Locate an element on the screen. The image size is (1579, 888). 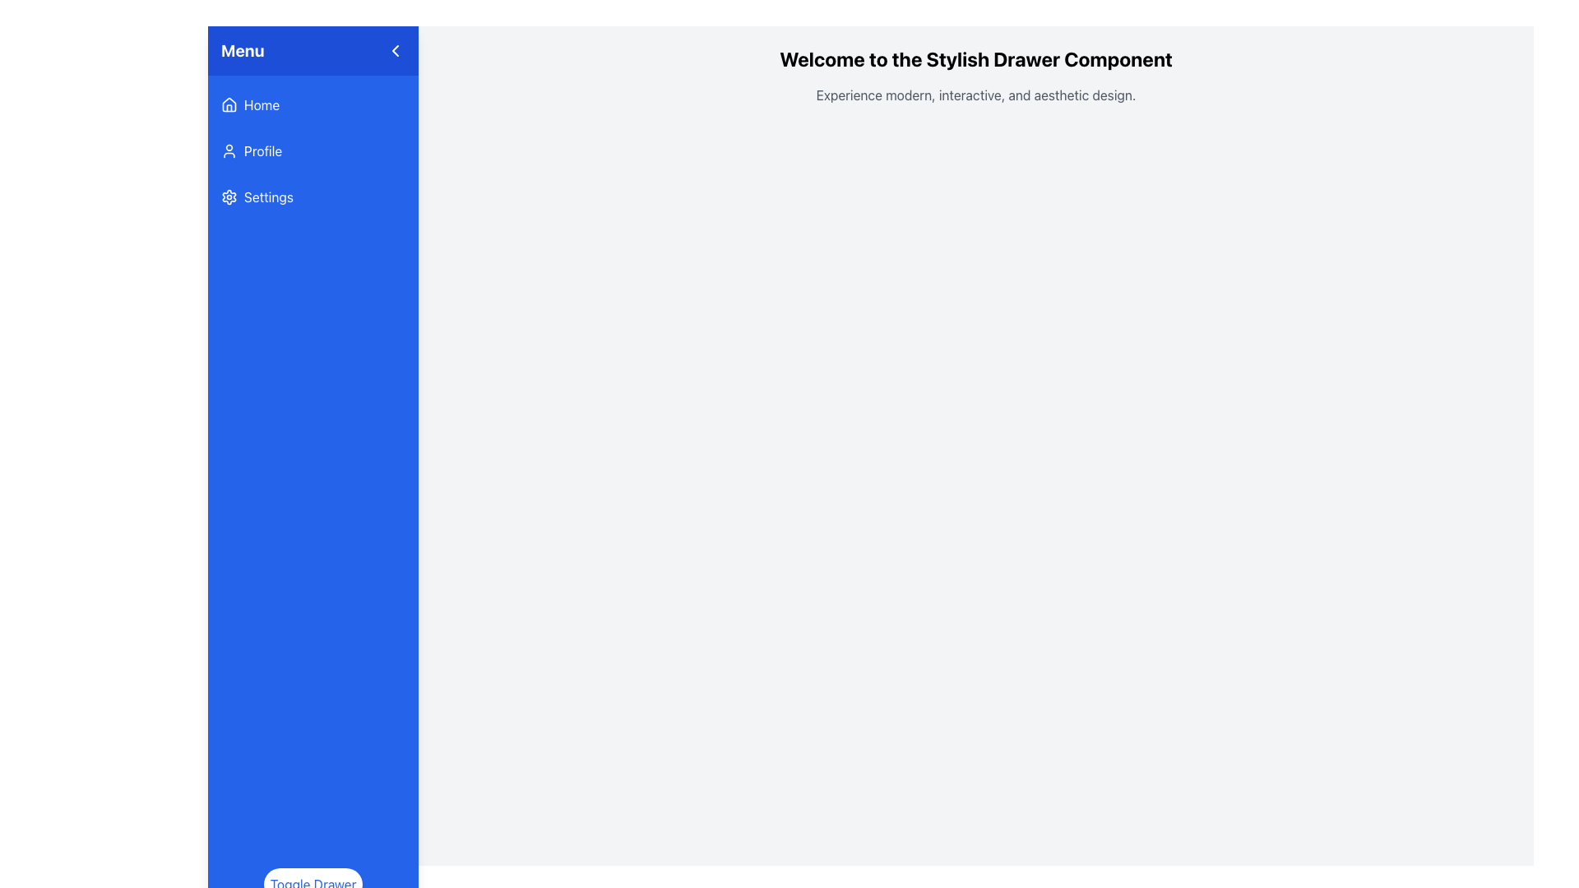
the 'Settings' button, which is the third item in the vertical menu list is located at coordinates (313, 196).